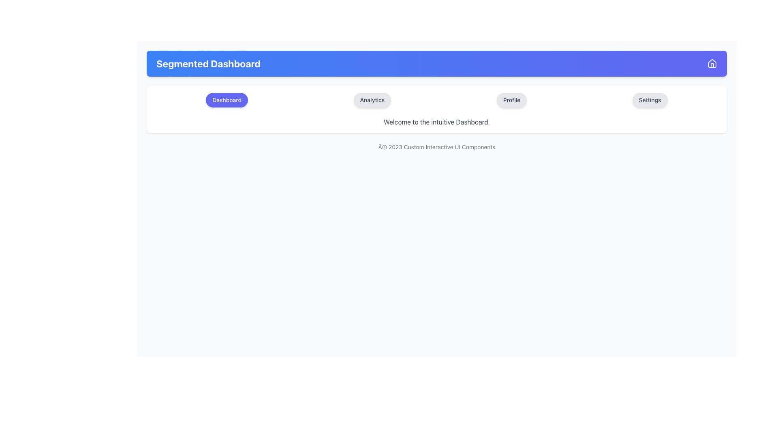 Image resolution: width=778 pixels, height=438 pixels. What do you see at coordinates (650, 99) in the screenshot?
I see `the 'Settings' button located at the right end of the horizontal menu bar` at bounding box center [650, 99].